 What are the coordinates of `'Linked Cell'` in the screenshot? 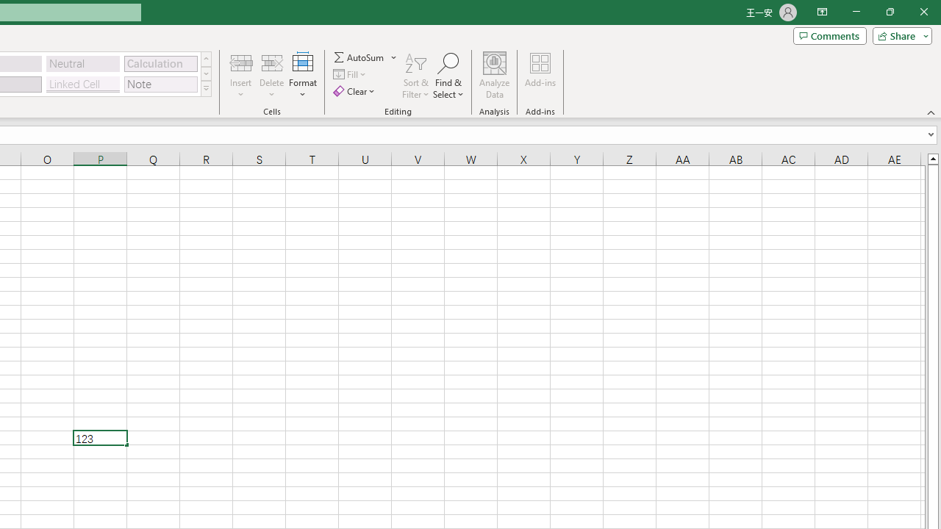 It's located at (82, 84).